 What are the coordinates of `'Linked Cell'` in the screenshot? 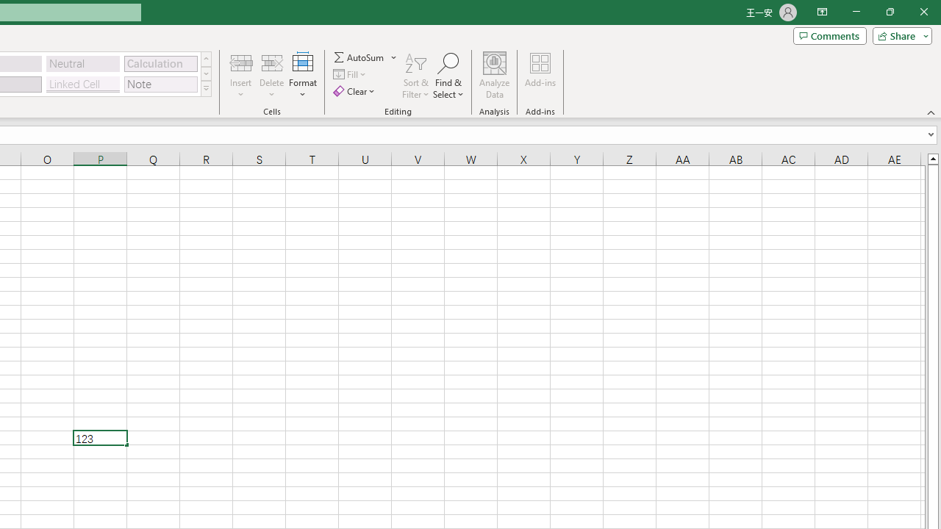 It's located at (82, 84).